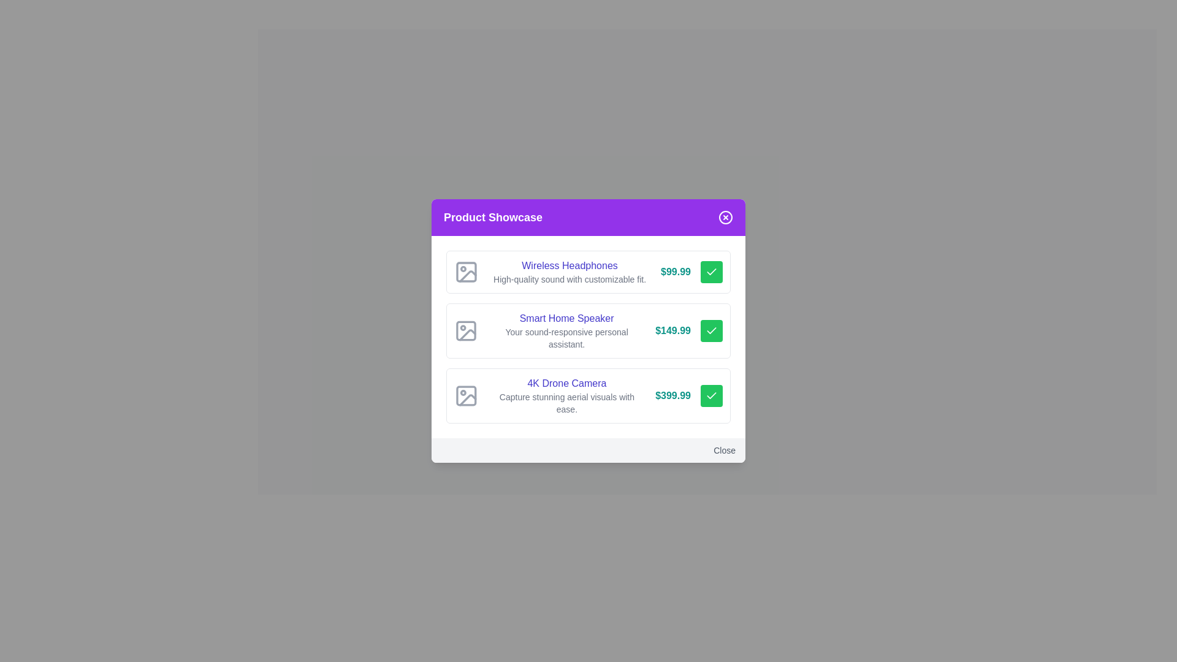 Image resolution: width=1177 pixels, height=662 pixels. Describe the element at coordinates (712, 331) in the screenshot. I see `the green checkmark icon with a white outline located within the green circular button in the top-middle-right portion of the interface, which is part of the second product card titled 'Smart Home Speaker'` at that location.